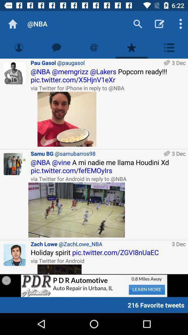  I want to click on item above nba vine a item, so click(95, 154).